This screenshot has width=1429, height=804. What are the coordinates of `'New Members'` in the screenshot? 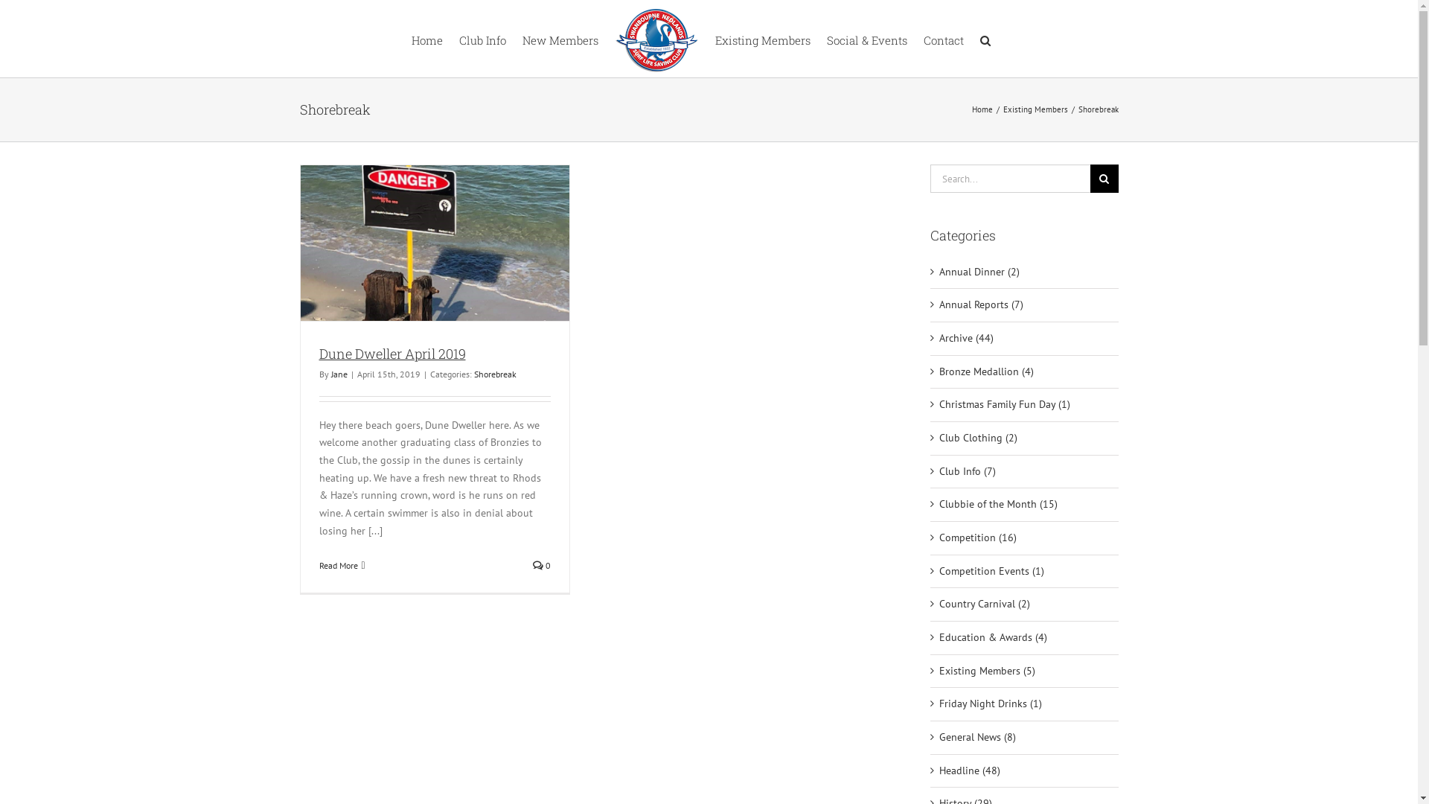 It's located at (560, 37).